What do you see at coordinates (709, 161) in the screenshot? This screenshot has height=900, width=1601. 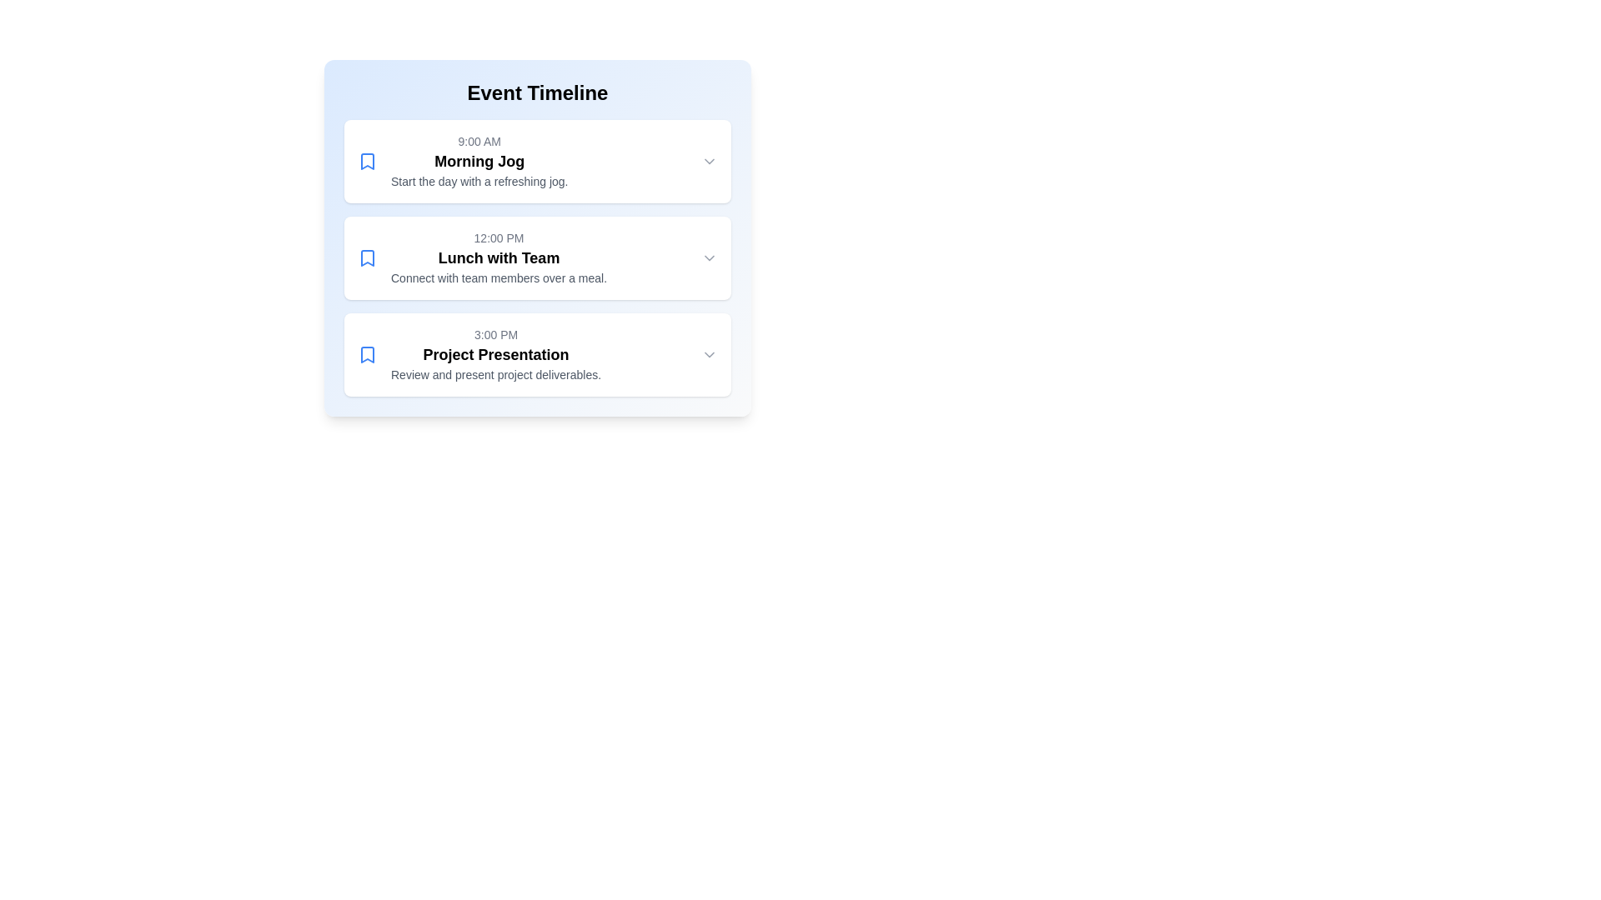 I see `the chevron icon (Dropdown Indicator) located at the rightmost edge of the 'Morning Jog' event` at bounding box center [709, 161].